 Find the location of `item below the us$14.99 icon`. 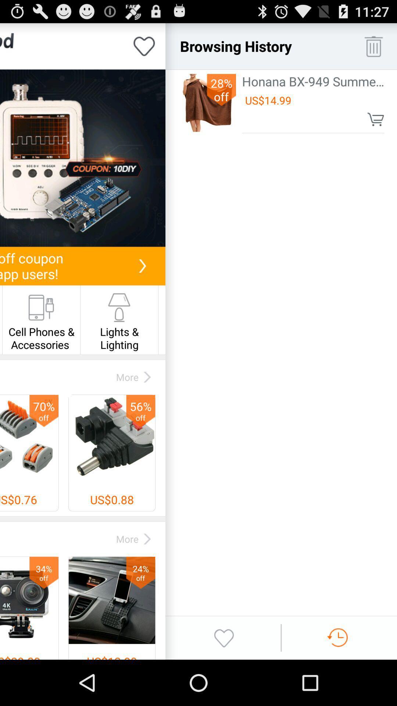

item below the us$14.99 icon is located at coordinates (375, 119).